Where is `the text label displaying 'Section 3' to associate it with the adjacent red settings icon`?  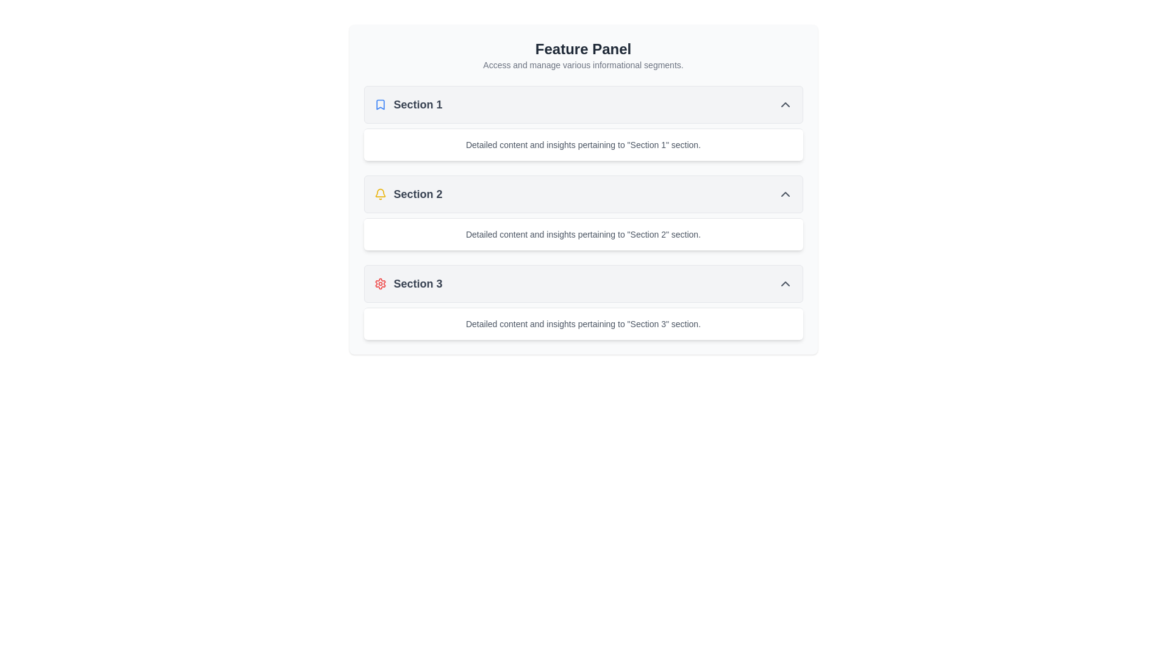 the text label displaying 'Section 3' to associate it with the adjacent red settings icon is located at coordinates (418, 284).